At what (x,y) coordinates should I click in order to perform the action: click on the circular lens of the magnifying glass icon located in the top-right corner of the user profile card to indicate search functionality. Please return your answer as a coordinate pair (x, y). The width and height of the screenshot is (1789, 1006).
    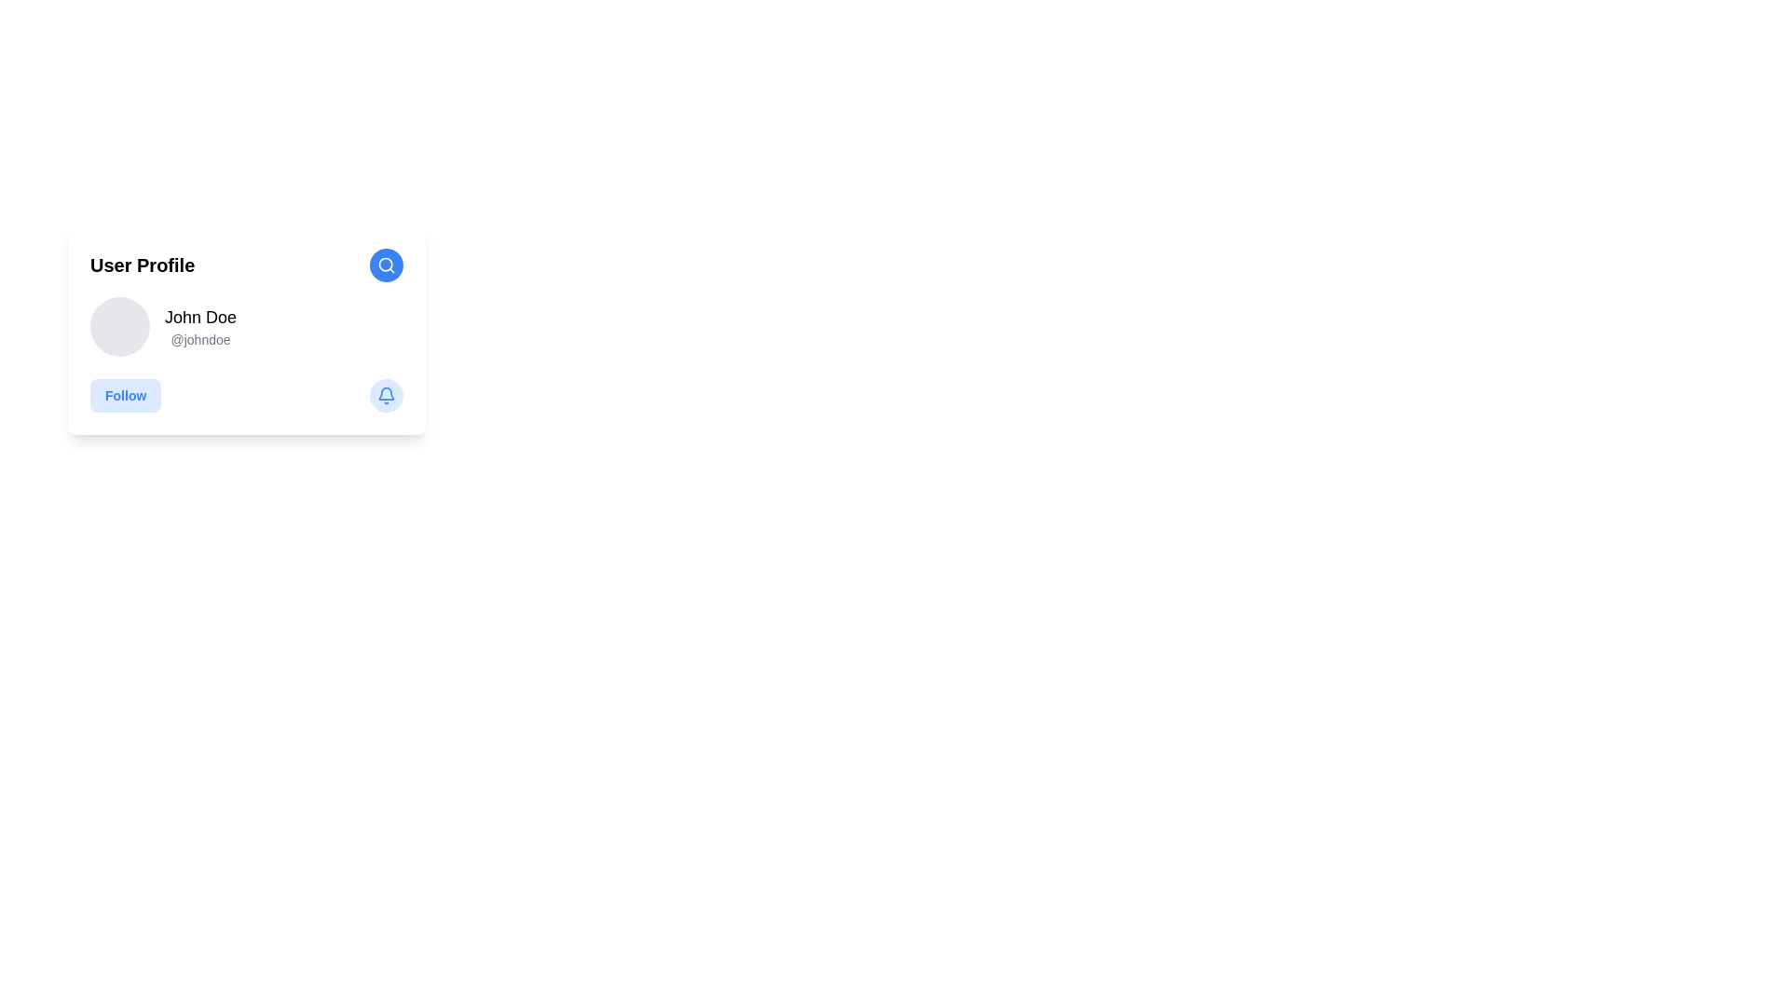
    Looking at the image, I should click on (385, 265).